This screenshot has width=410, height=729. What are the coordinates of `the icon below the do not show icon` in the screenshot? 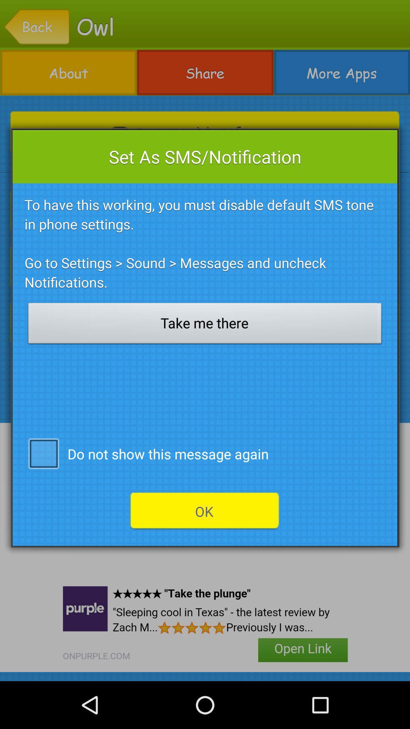 It's located at (204, 511).